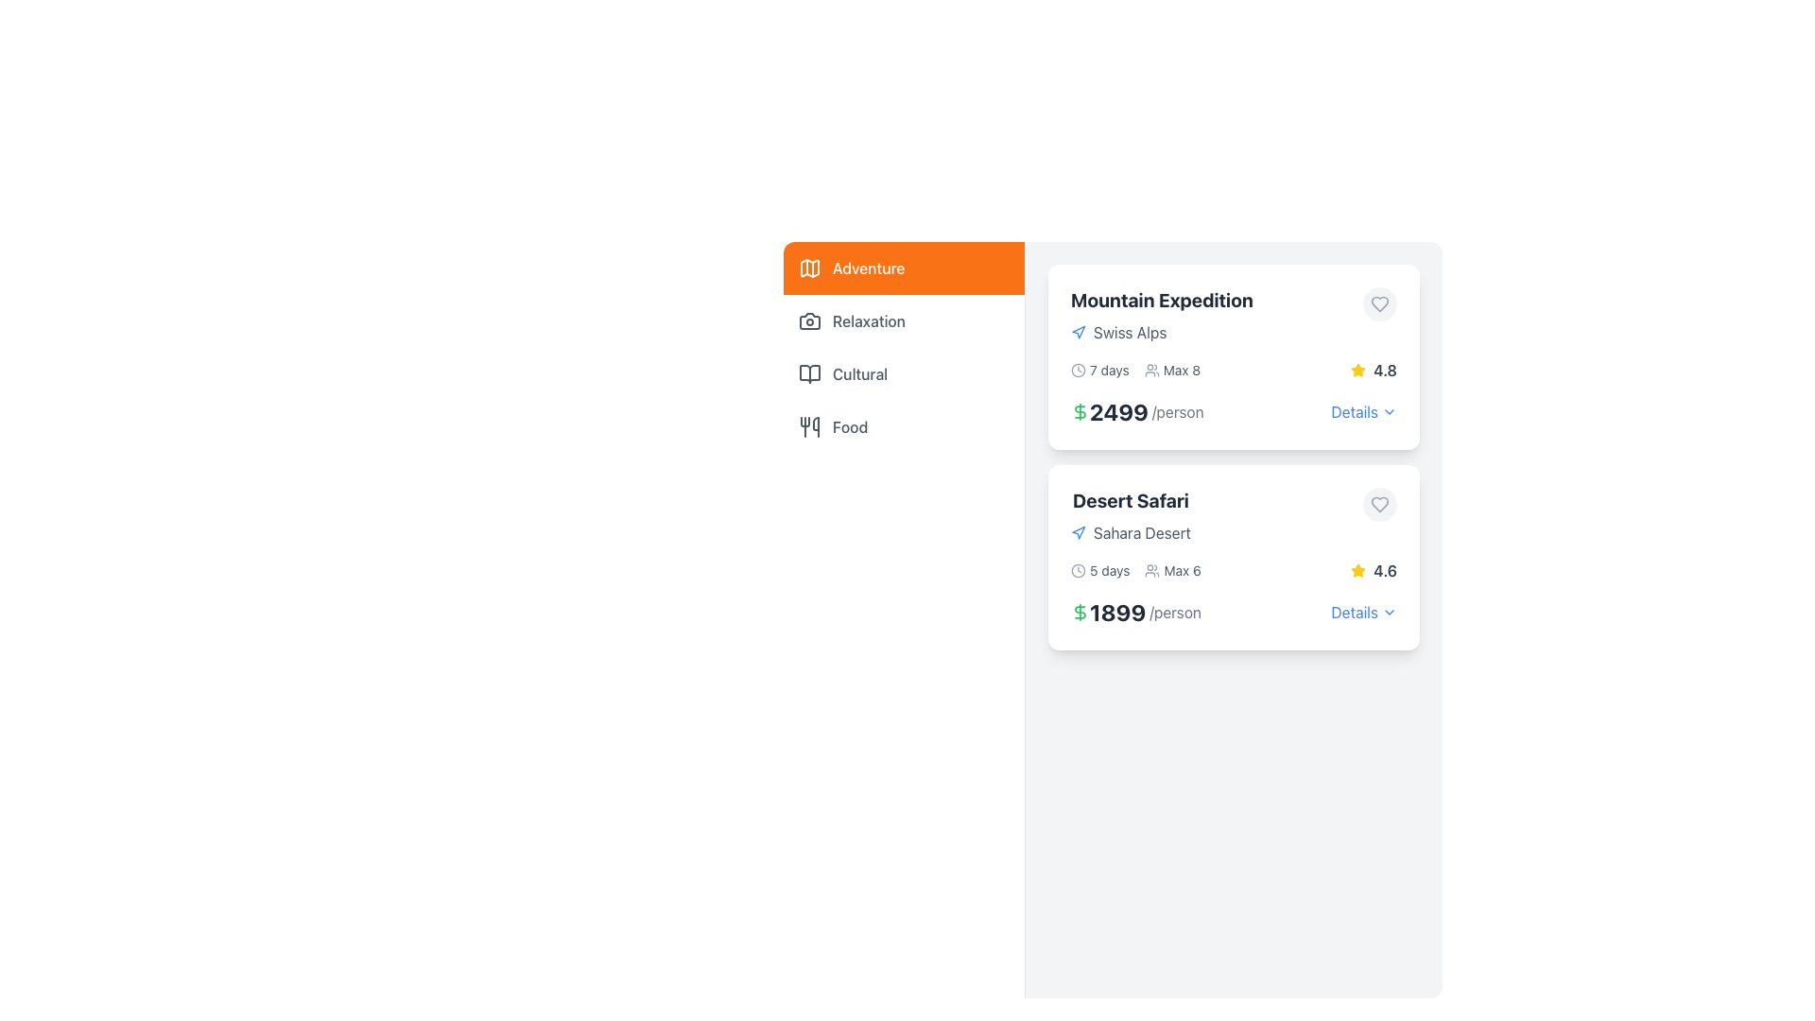  What do you see at coordinates (1161, 299) in the screenshot?
I see `title text label of the card, which is centered at the top and provides a summary of the card's contents` at bounding box center [1161, 299].